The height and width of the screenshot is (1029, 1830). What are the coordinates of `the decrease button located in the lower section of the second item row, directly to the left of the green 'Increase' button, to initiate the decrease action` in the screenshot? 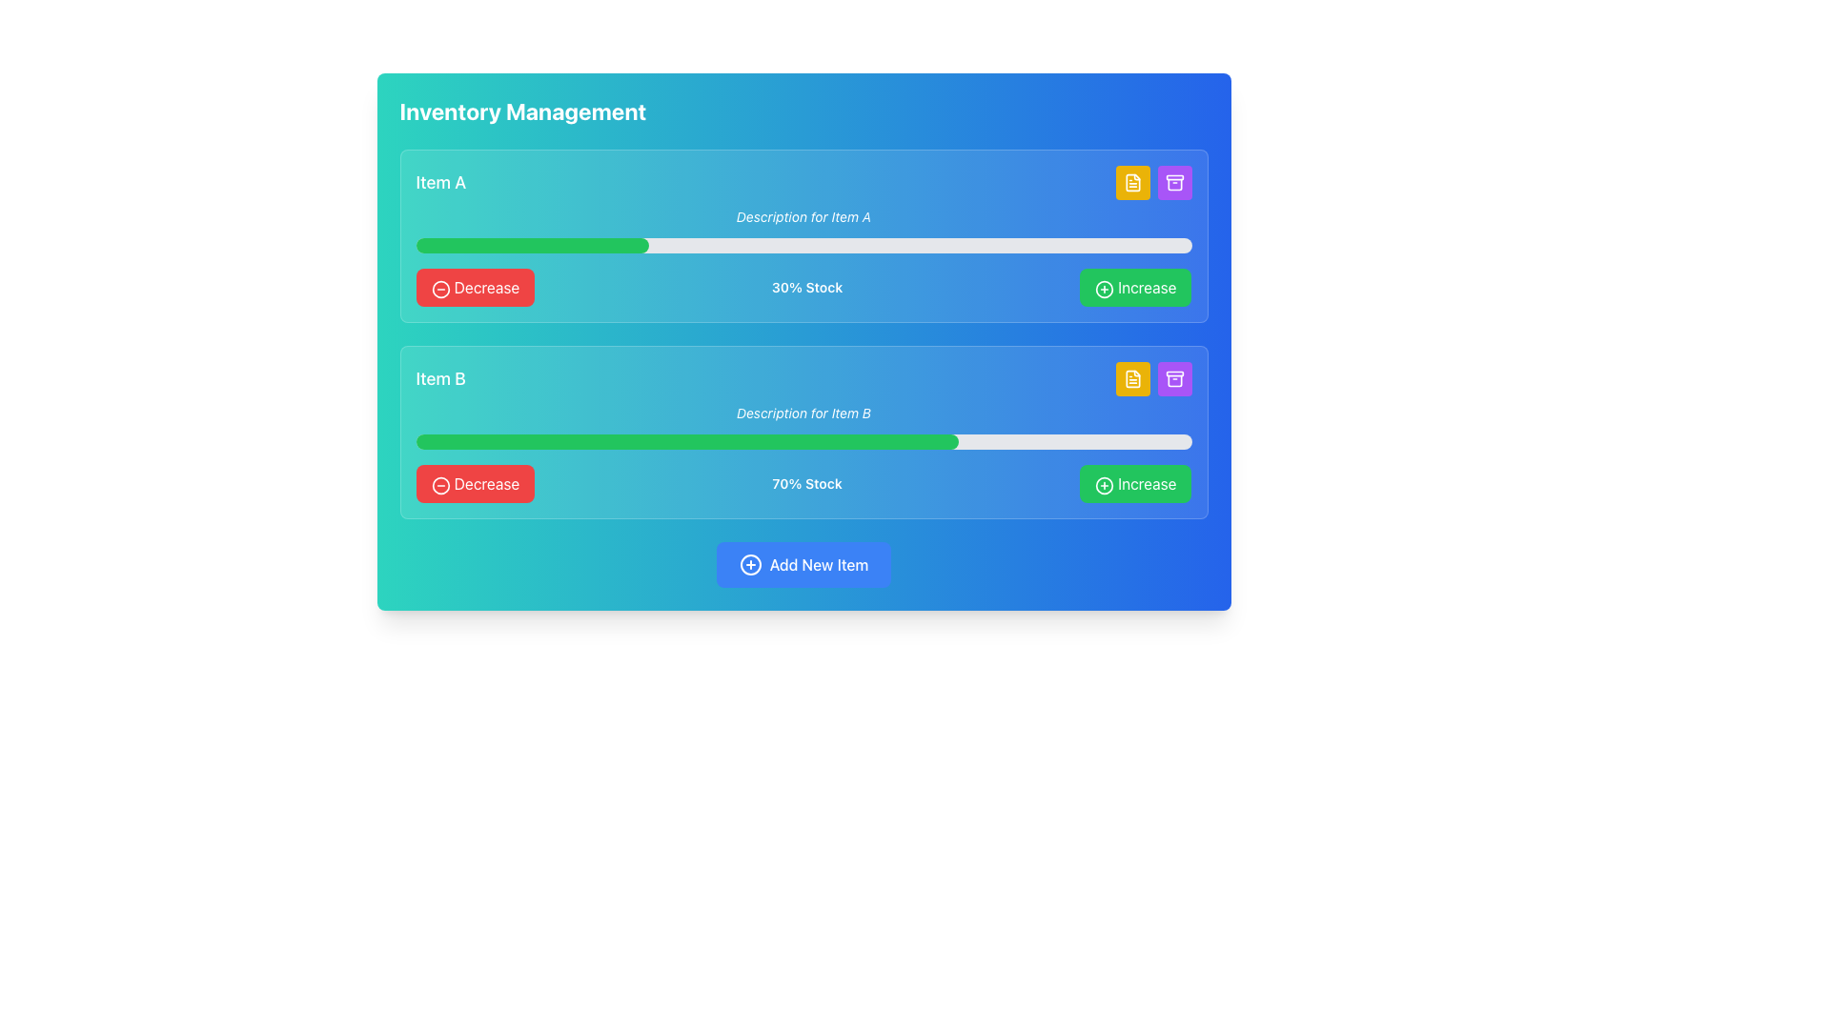 It's located at (475, 483).